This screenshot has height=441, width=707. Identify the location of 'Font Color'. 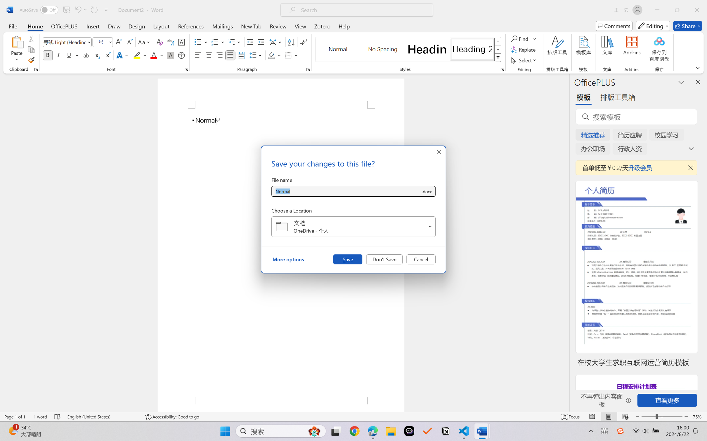
(157, 55).